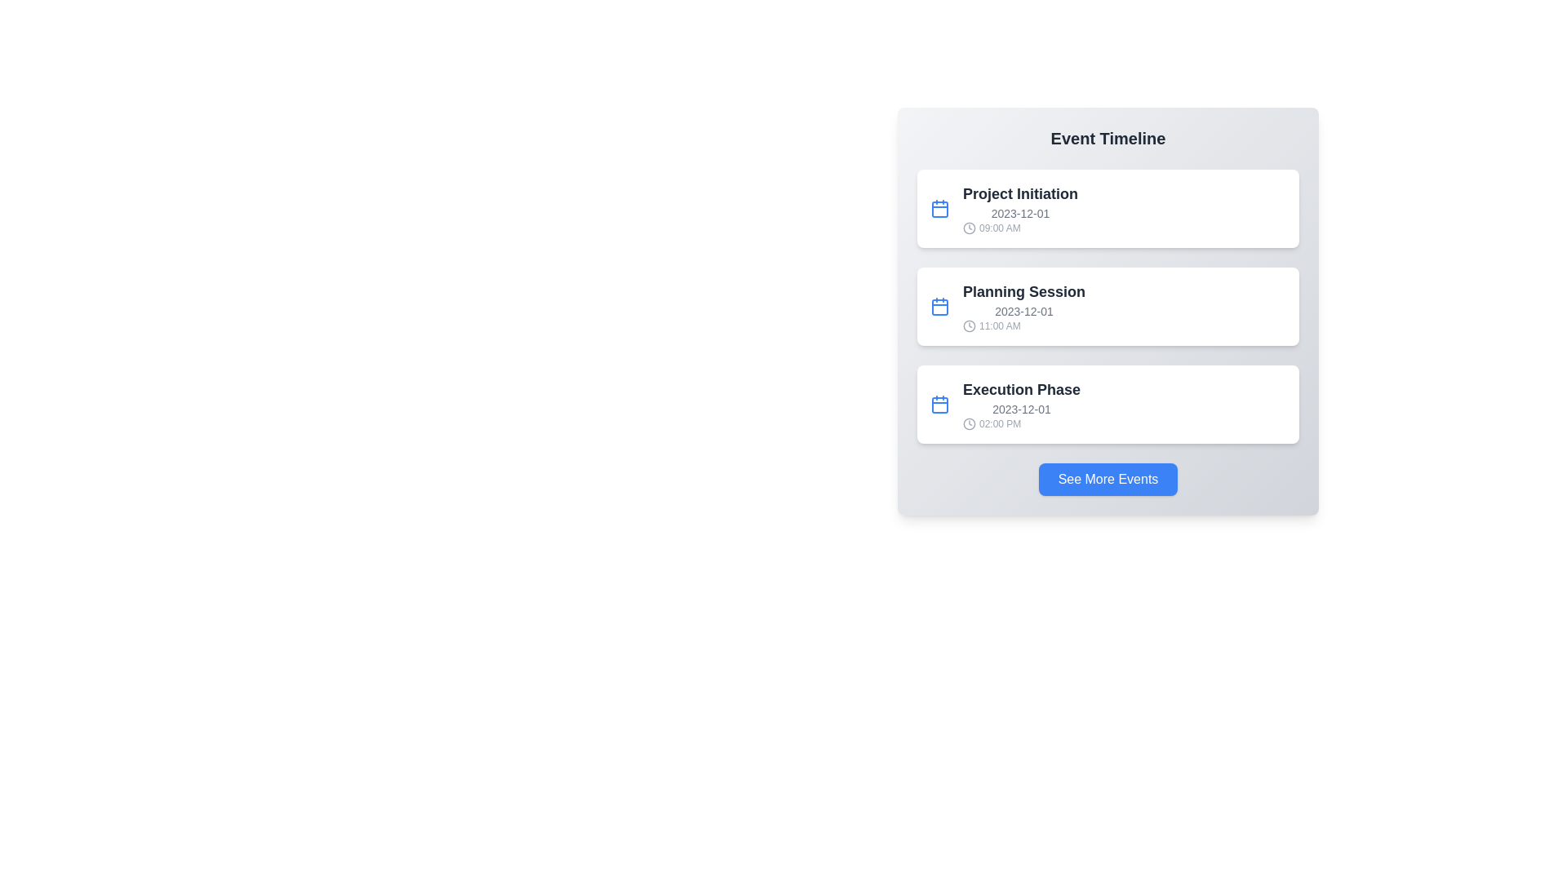 Image resolution: width=1567 pixels, height=881 pixels. What do you see at coordinates (940, 306) in the screenshot?
I see `the calendar icon associated with the Planning Session event` at bounding box center [940, 306].